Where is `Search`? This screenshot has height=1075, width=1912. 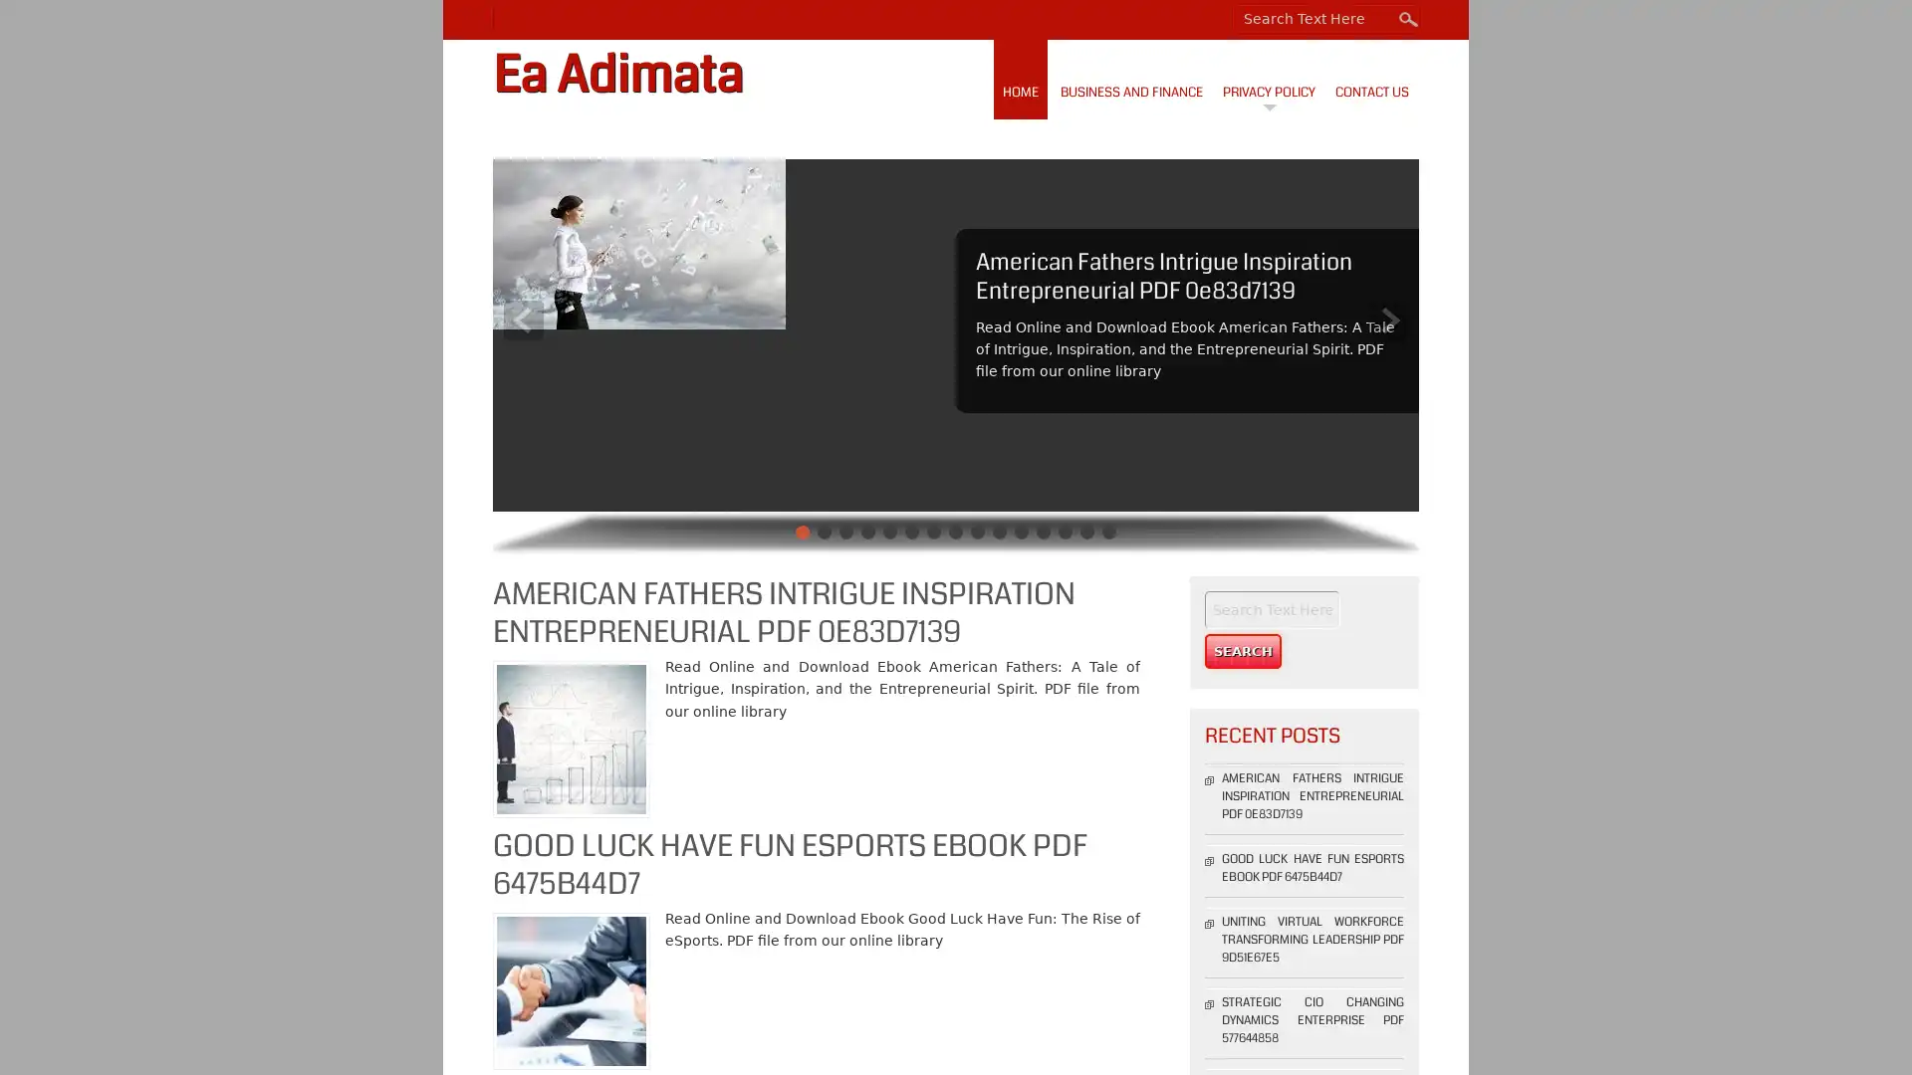
Search is located at coordinates (1242, 651).